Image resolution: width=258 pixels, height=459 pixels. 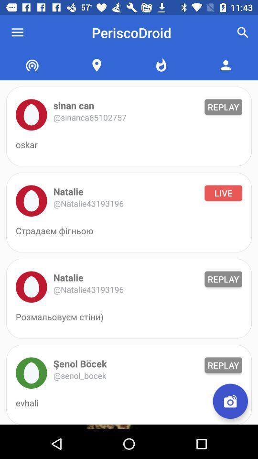 I want to click on item to the right of periscodroid icon, so click(x=243, y=33).